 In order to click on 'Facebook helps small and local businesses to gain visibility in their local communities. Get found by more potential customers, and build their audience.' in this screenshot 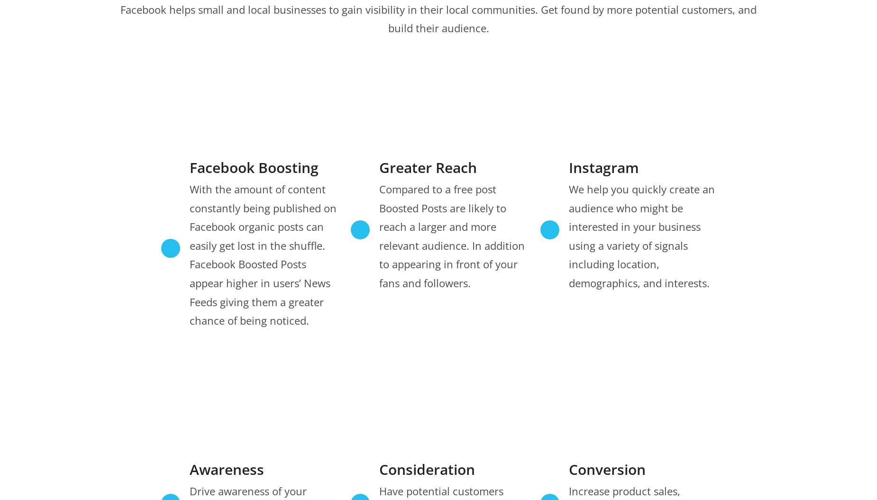, I will do `click(438, 18)`.